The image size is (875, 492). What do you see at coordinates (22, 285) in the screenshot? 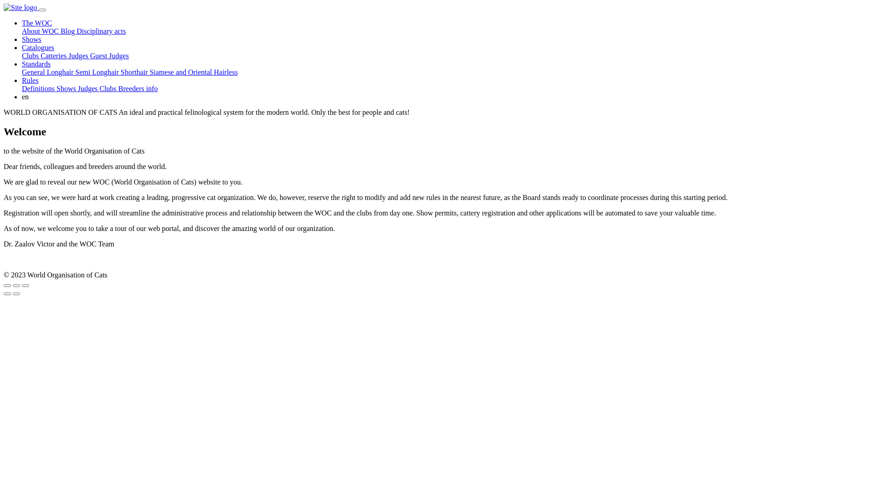
I see `'Zoom in/out'` at bounding box center [22, 285].